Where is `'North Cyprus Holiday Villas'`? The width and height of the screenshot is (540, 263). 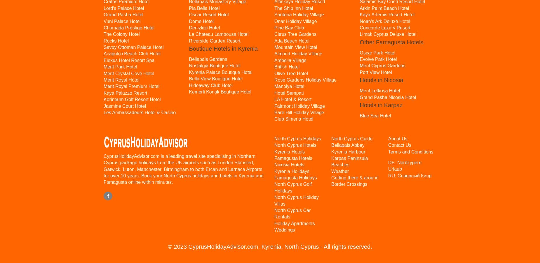 'North Cyprus Holiday Villas' is located at coordinates (296, 200).